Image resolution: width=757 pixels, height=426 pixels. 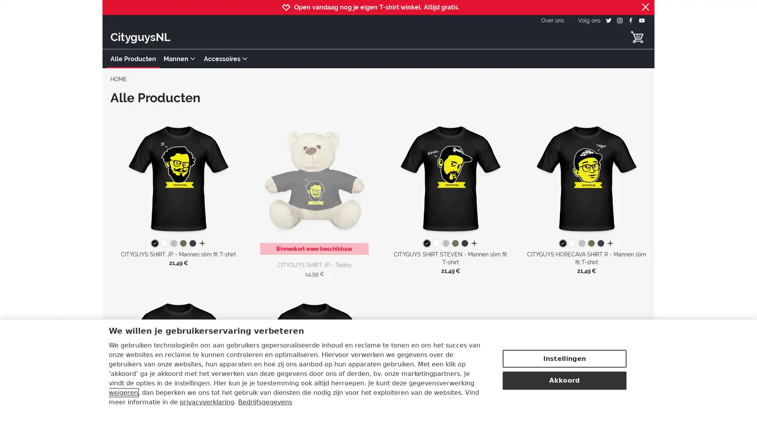 What do you see at coordinates (178, 177) in the screenshot?
I see `CITYGUYS SHIRT JP - Mannen slim fit T-shirt` at bounding box center [178, 177].